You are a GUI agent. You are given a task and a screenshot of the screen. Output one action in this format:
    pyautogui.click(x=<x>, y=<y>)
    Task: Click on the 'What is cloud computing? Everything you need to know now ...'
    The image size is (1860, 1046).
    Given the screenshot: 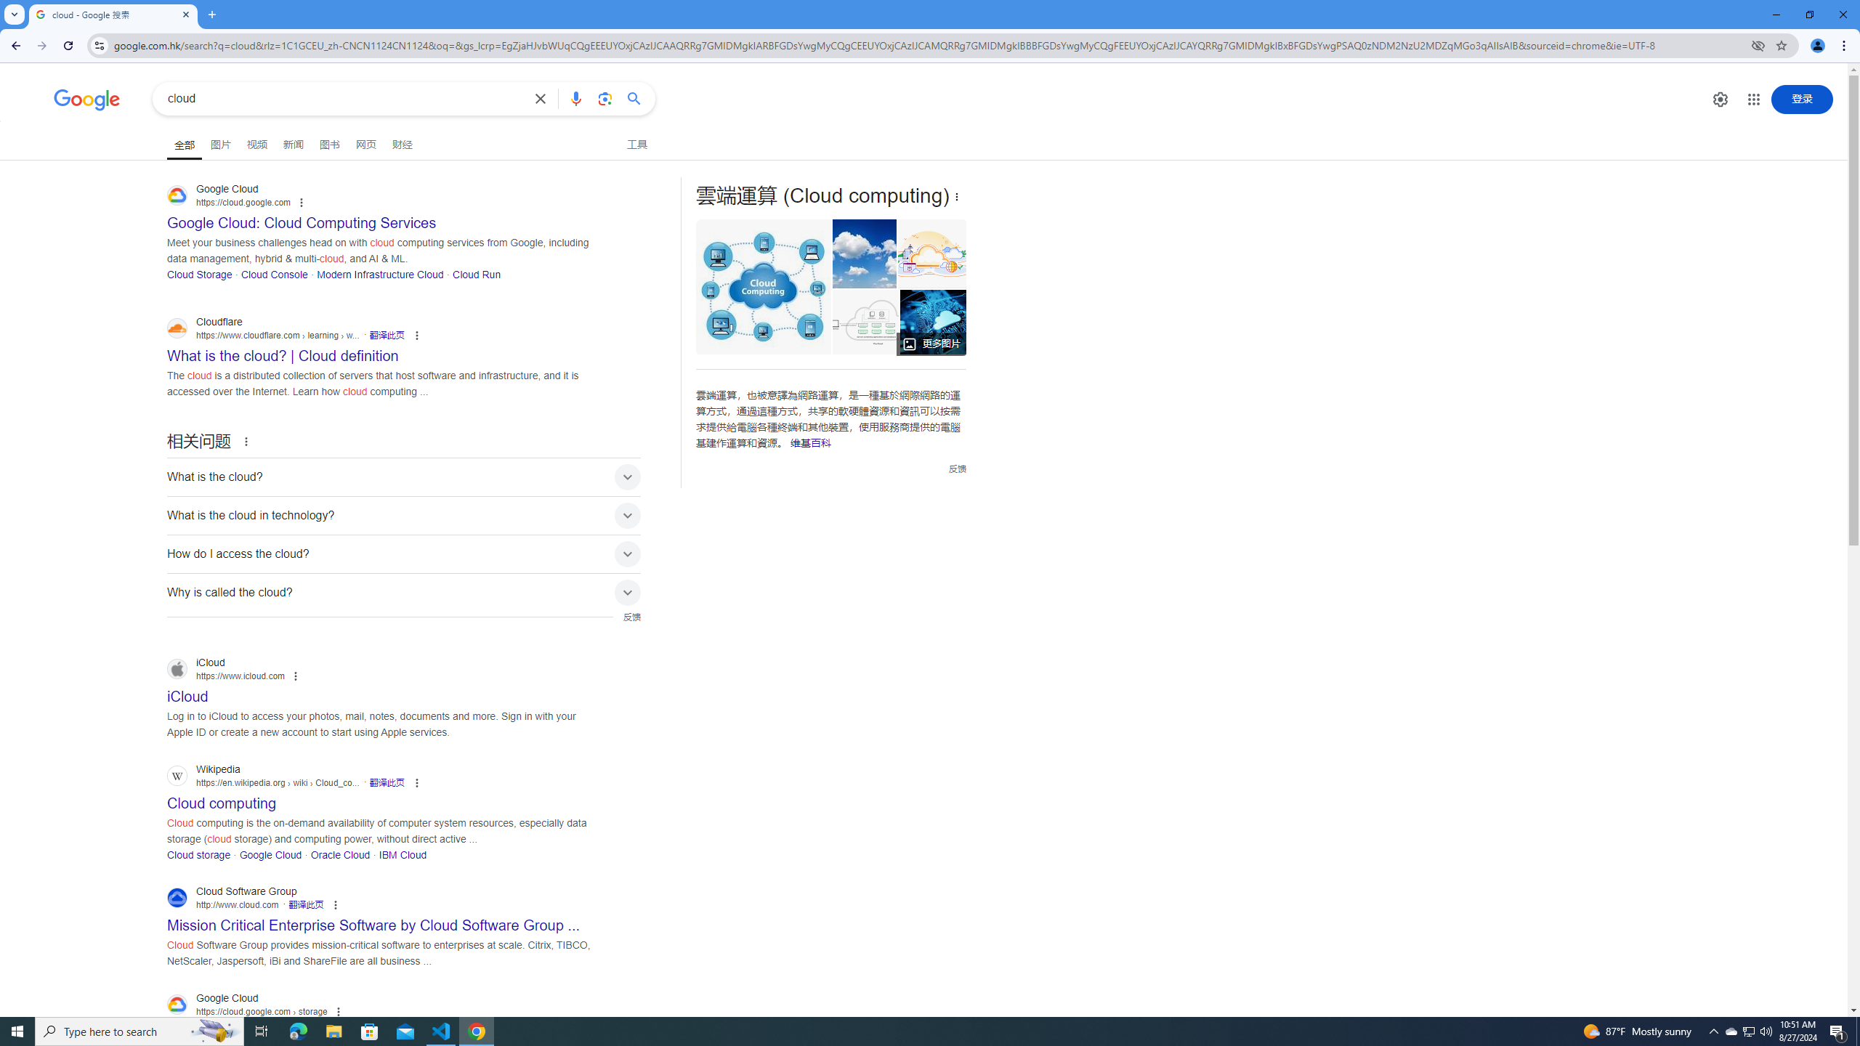 What is the action you would take?
    pyautogui.click(x=947, y=322)
    